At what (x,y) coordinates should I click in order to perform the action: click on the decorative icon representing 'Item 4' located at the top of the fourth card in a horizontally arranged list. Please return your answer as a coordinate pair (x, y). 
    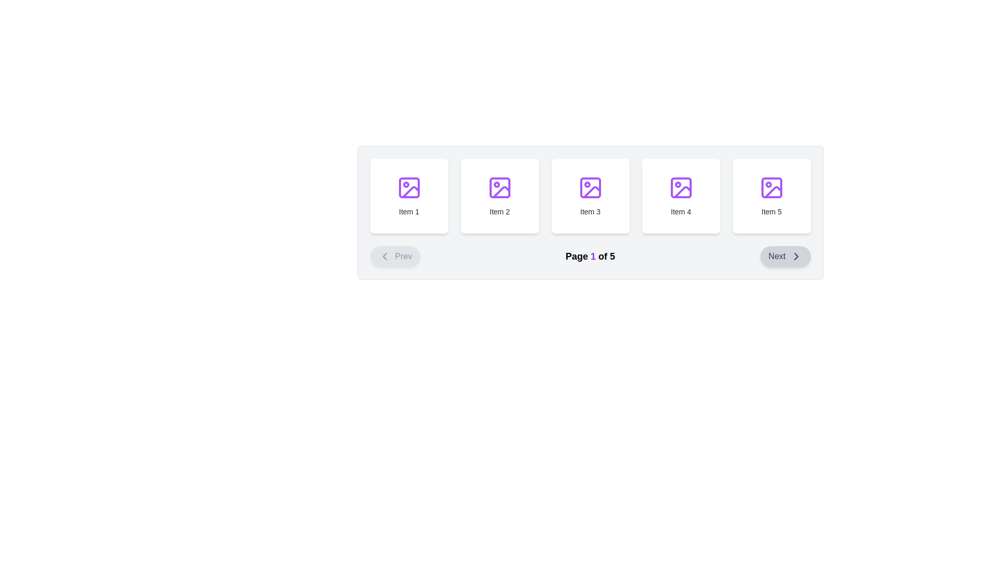
    Looking at the image, I should click on (681, 188).